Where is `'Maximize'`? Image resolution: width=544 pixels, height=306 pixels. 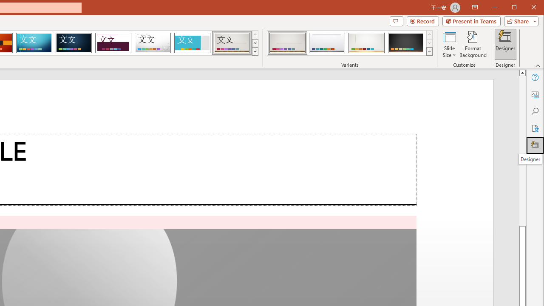
'Maximize' is located at coordinates (526, 8).